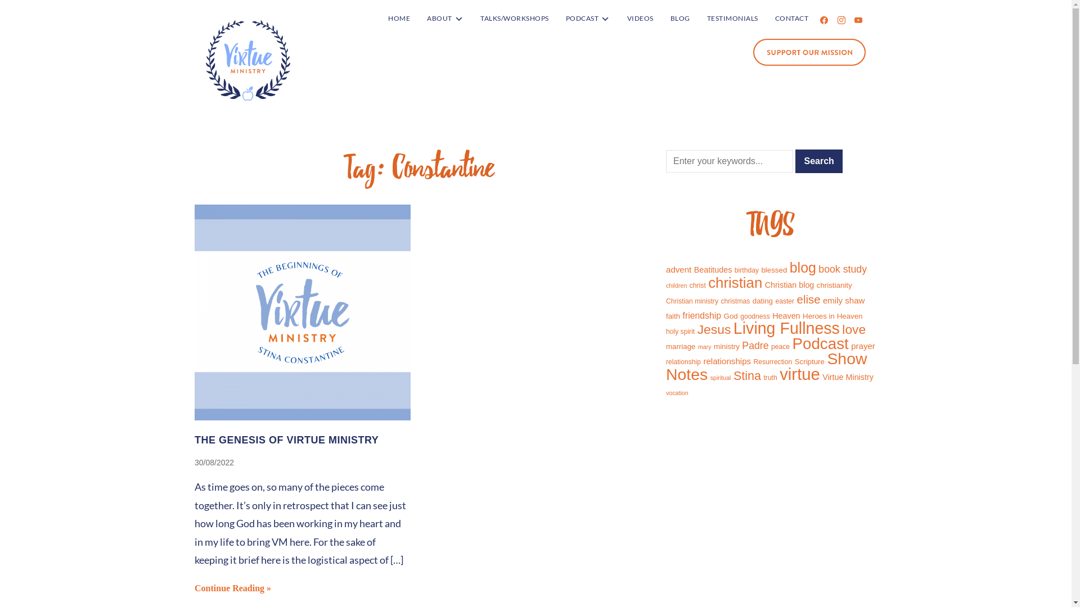  What do you see at coordinates (678, 269) in the screenshot?
I see `'advent'` at bounding box center [678, 269].